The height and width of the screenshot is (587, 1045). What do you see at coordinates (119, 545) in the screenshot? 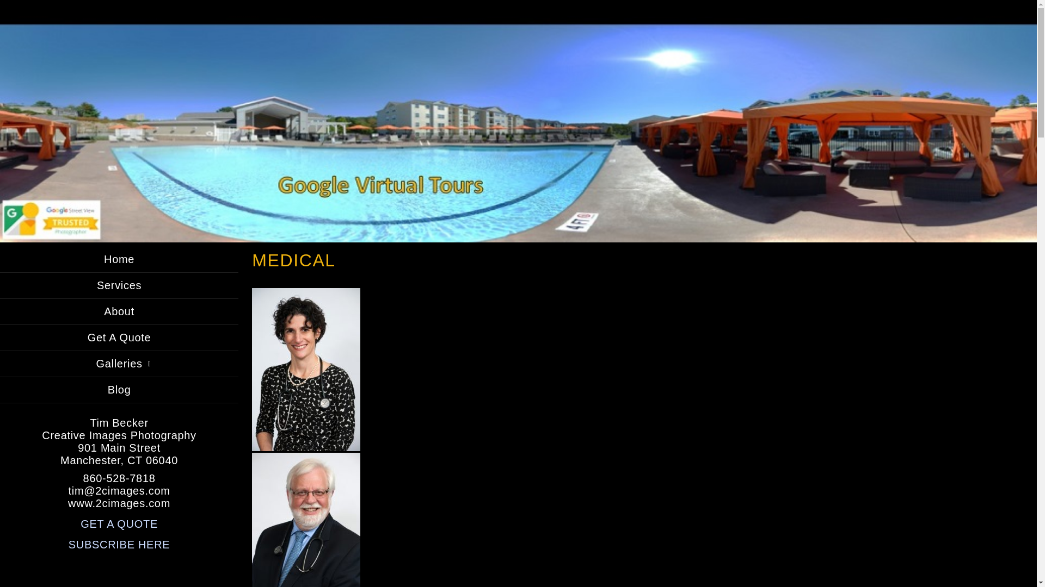
I see `'SUBSCRIBE HERE'` at bounding box center [119, 545].